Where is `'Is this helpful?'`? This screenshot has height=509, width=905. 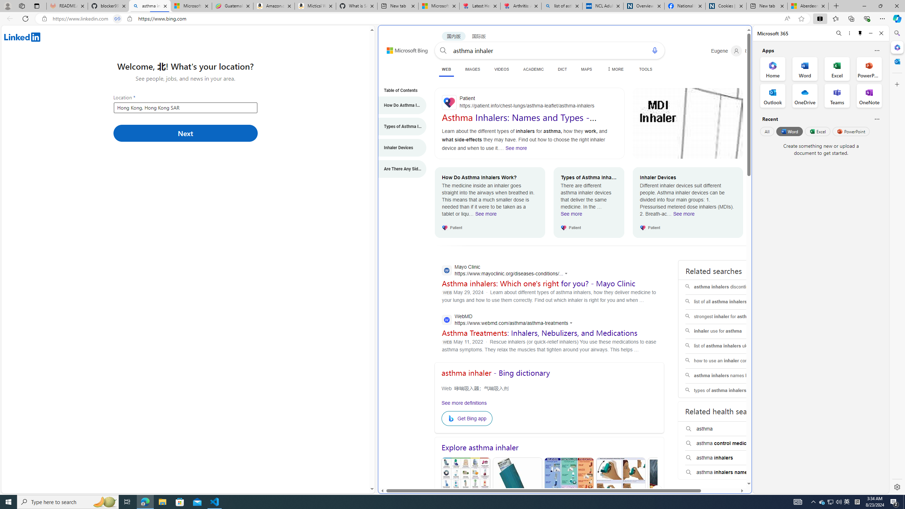
'Is this helpful?' is located at coordinates (876, 119).